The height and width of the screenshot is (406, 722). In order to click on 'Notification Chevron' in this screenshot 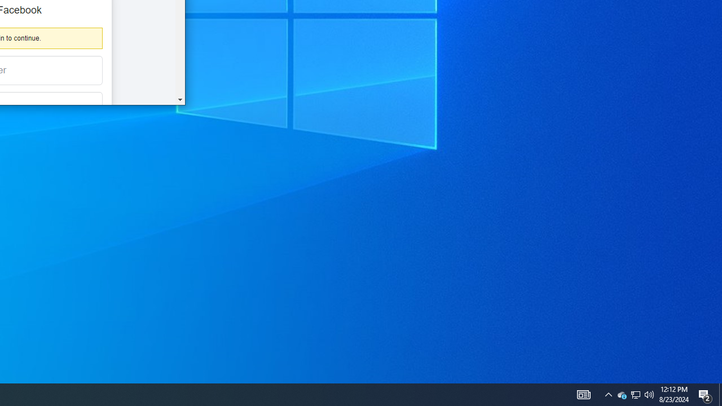, I will do `click(608, 394)`.